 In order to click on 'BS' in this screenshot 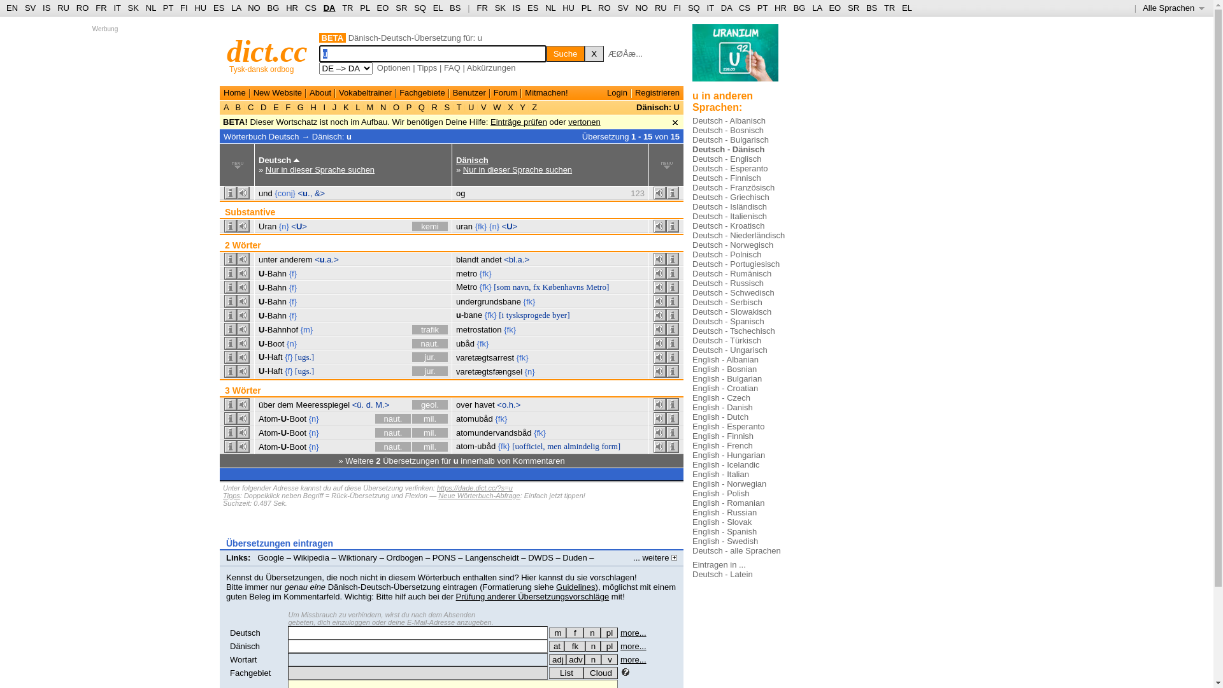, I will do `click(455, 8)`.